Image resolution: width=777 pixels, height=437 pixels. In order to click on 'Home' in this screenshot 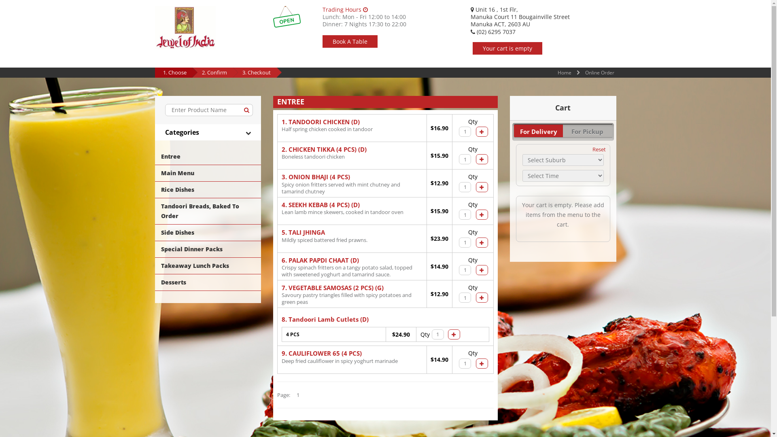, I will do `click(564, 72)`.